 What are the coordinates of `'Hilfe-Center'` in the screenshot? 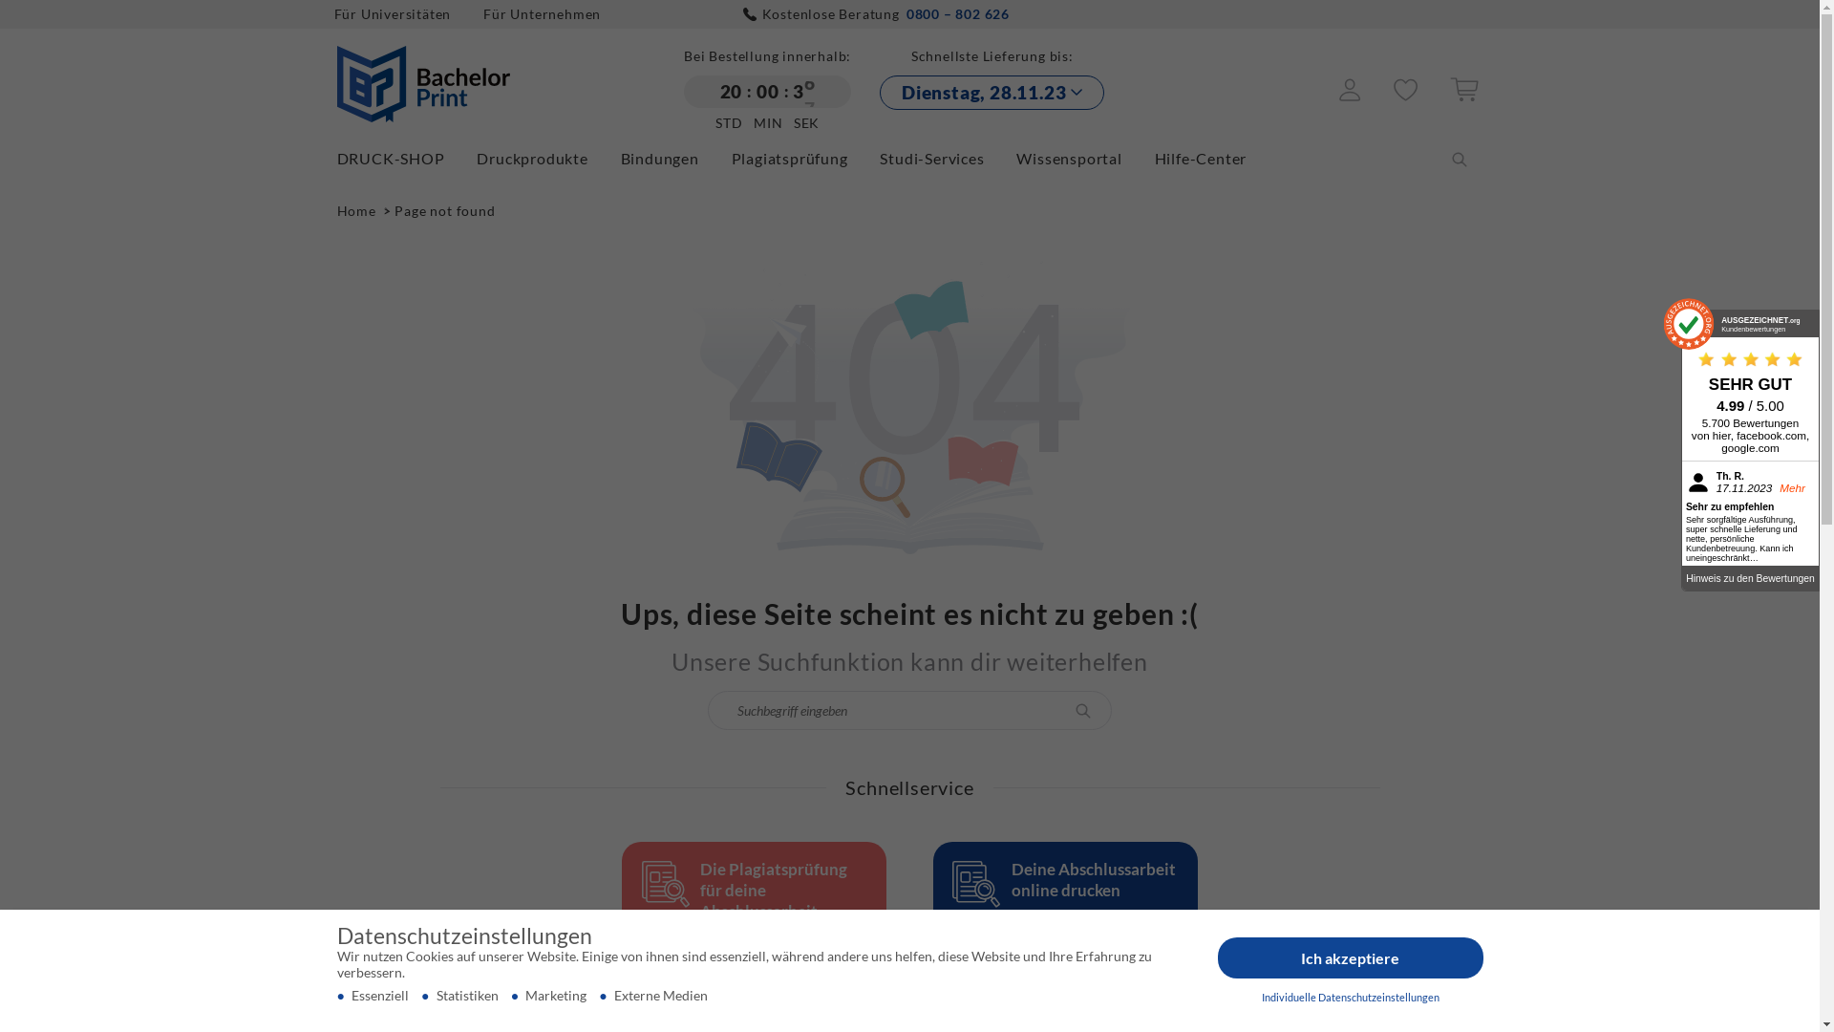 It's located at (1154, 157).